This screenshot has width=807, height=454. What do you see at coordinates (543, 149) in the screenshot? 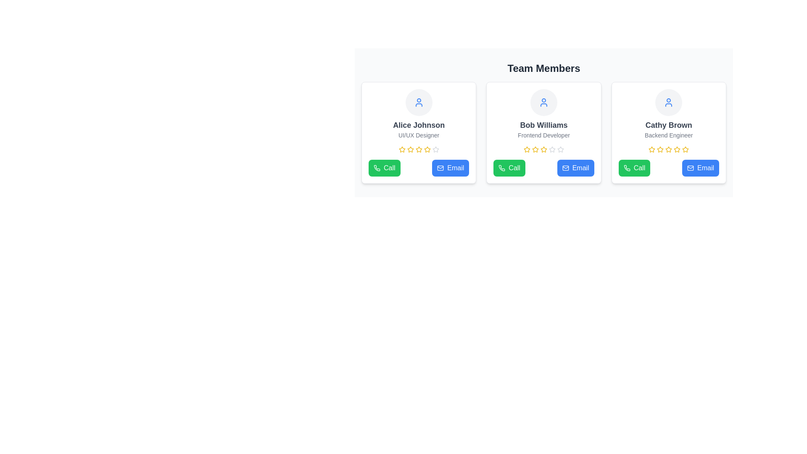
I see `the second star-shaped icon filled with yellow color to rate Bob Williams, located under his role description 'Frontend Developer.'` at bounding box center [543, 149].